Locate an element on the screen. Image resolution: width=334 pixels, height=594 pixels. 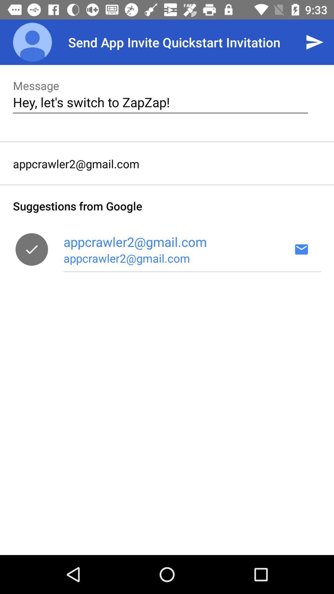
the item next to the send app invite app is located at coordinates (32, 42).